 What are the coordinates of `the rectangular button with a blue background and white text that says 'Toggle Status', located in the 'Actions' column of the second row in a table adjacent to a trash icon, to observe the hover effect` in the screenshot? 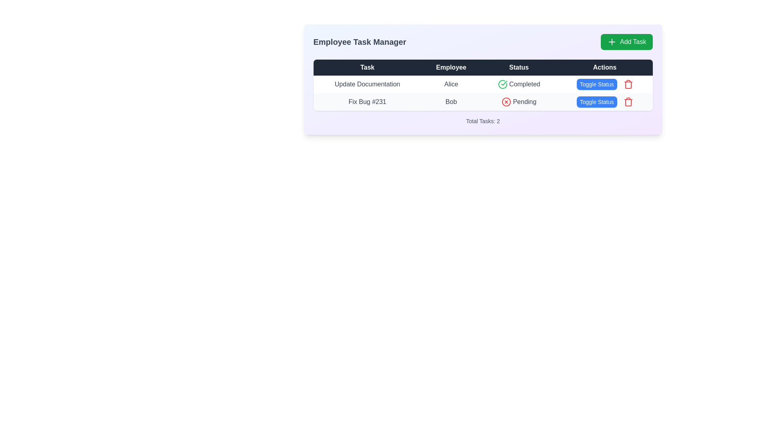 It's located at (605, 101).